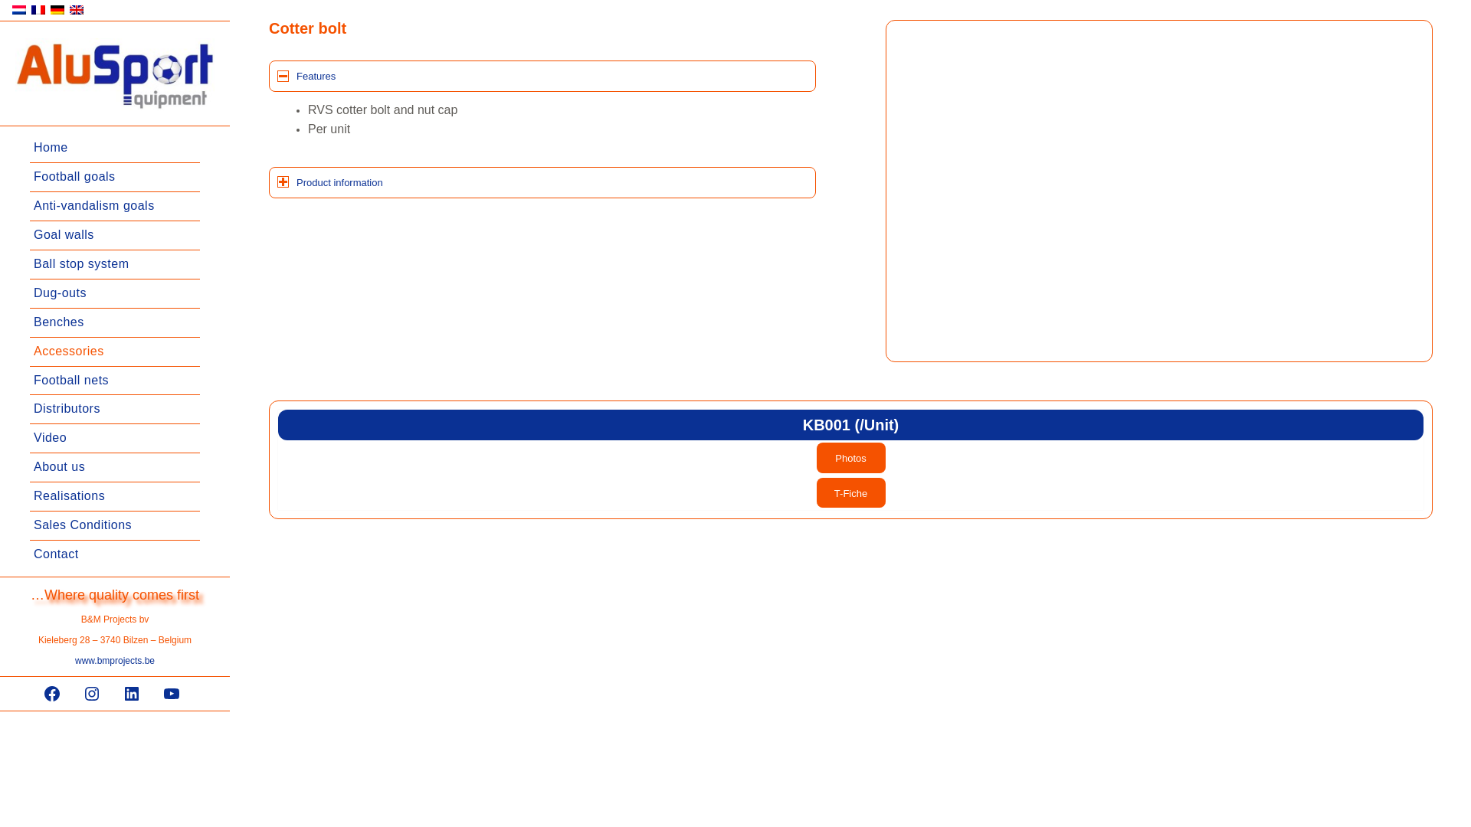  What do you see at coordinates (113, 439) in the screenshot?
I see `'Video'` at bounding box center [113, 439].